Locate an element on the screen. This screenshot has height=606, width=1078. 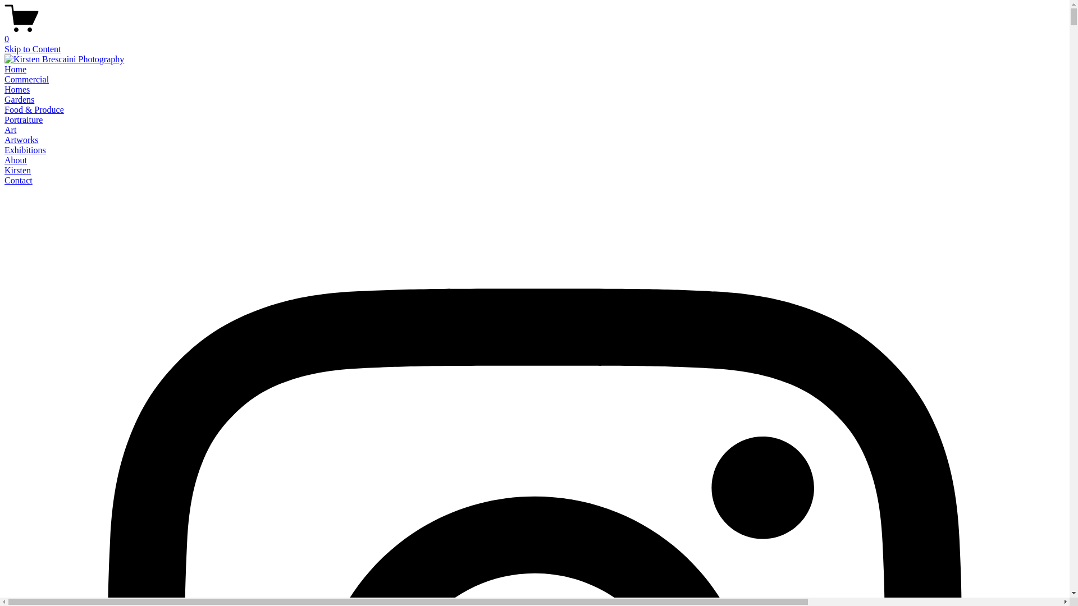
'Food & Produce' is located at coordinates (34, 109).